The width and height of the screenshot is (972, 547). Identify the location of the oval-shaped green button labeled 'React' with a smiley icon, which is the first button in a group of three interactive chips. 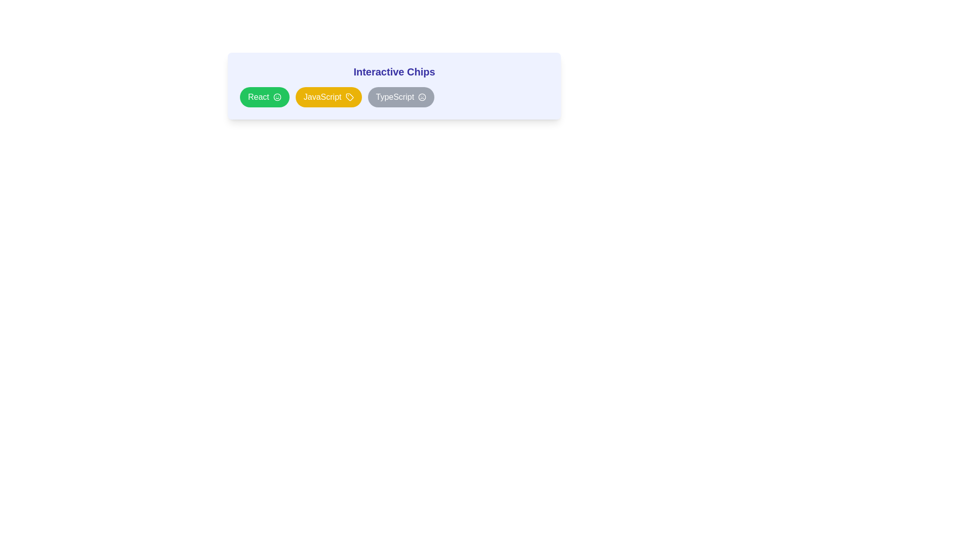
(264, 97).